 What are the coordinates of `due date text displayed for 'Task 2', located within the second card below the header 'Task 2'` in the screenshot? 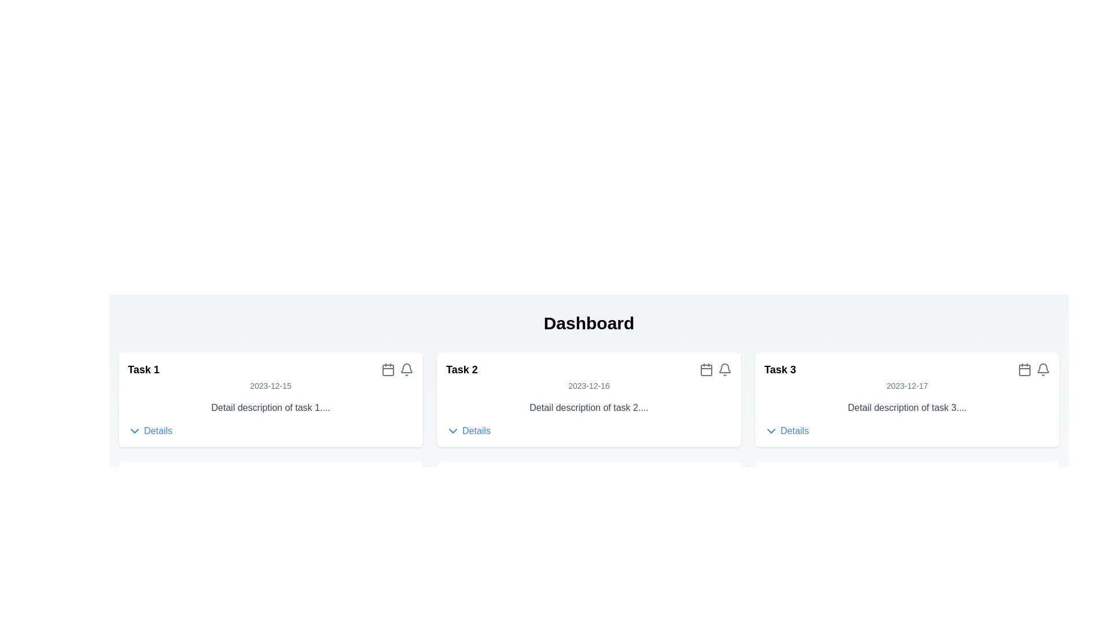 It's located at (588, 386).